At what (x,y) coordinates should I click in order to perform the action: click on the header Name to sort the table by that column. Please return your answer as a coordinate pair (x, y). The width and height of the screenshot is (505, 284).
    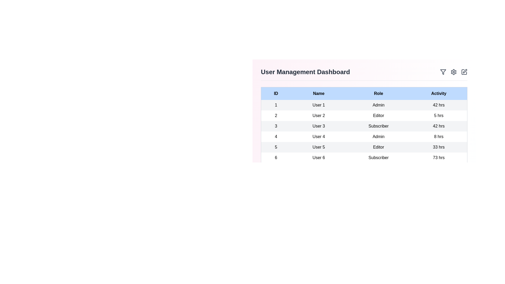
    Looking at the image, I should click on (318, 93).